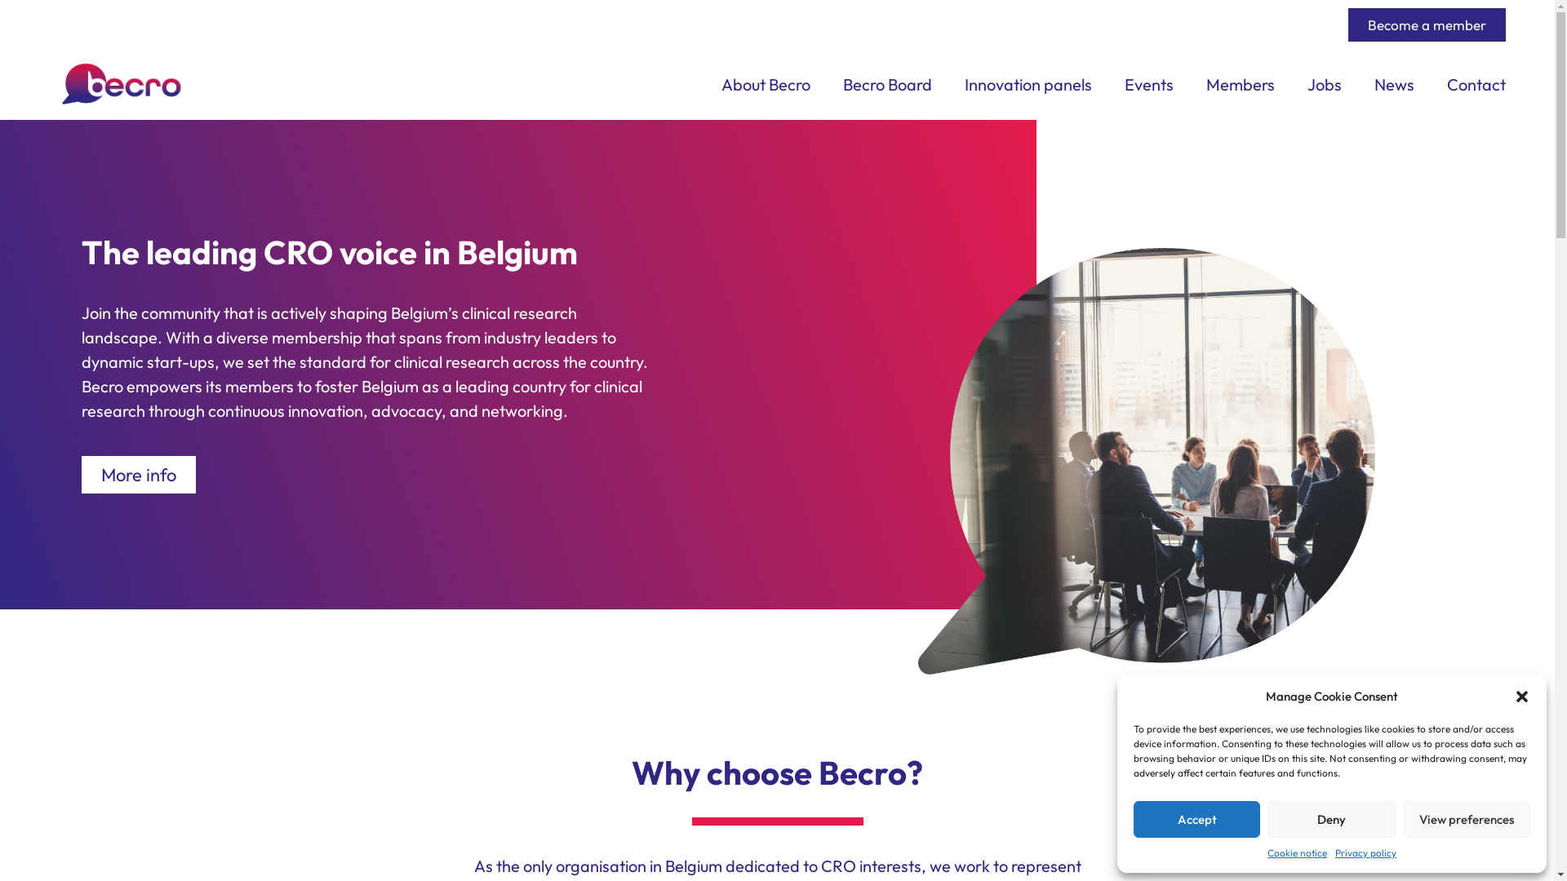 This screenshot has width=1567, height=881. I want to click on 'Jobs', so click(1324, 85).